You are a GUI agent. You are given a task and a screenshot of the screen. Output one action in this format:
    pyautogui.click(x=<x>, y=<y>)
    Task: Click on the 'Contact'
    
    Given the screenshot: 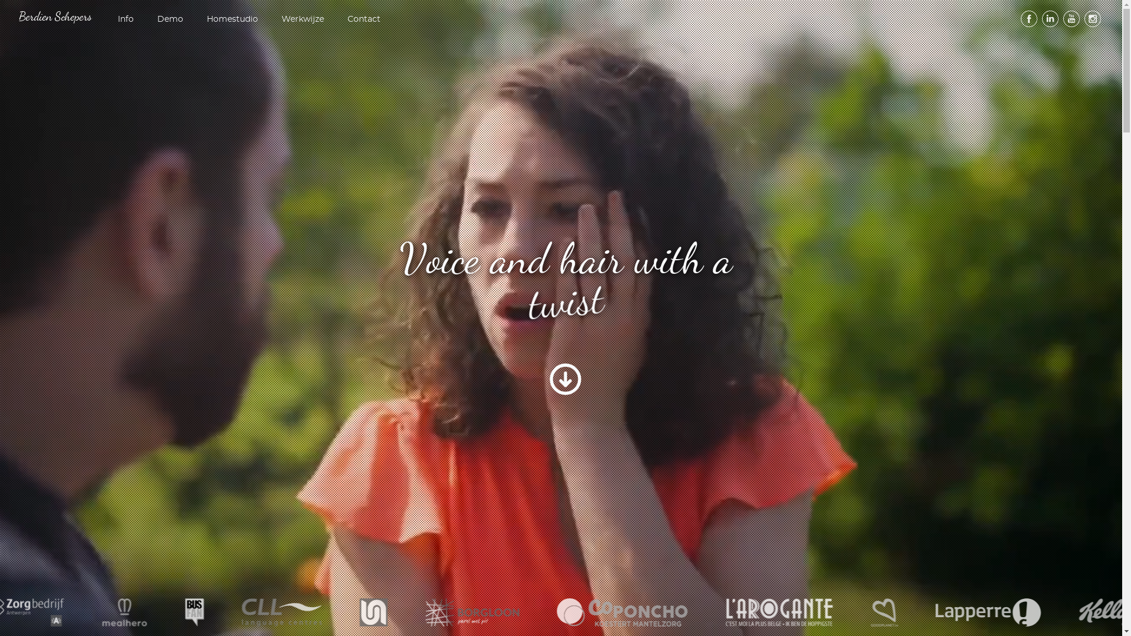 What is the action you would take?
    pyautogui.click(x=344, y=18)
    